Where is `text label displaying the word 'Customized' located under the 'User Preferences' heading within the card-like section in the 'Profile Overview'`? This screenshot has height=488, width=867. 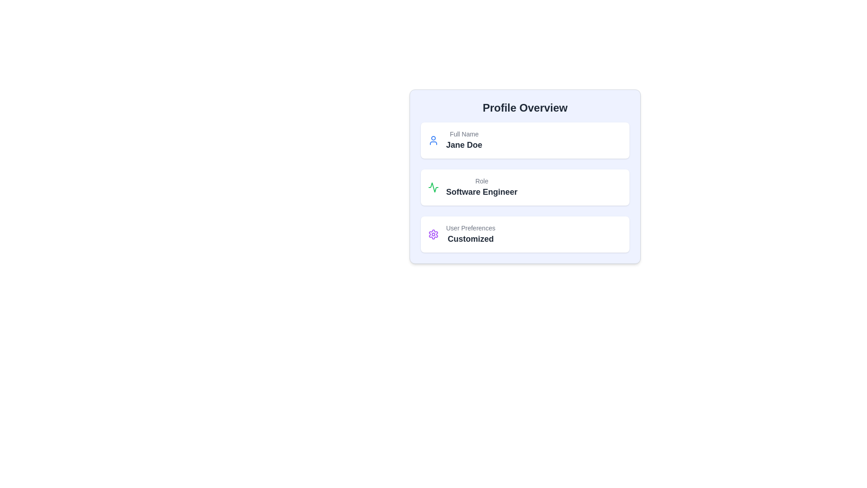
text label displaying the word 'Customized' located under the 'User Preferences' heading within the card-like section in the 'Profile Overview' is located at coordinates (470, 238).